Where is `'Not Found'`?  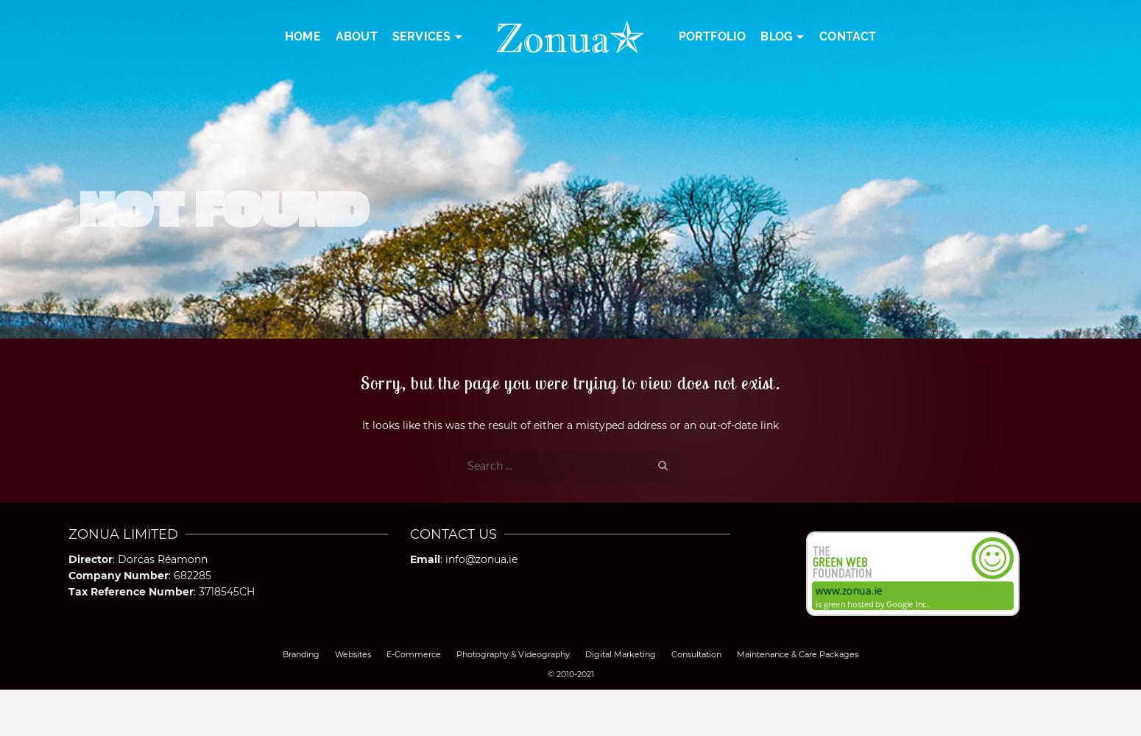 'Not Found' is located at coordinates (222, 205).